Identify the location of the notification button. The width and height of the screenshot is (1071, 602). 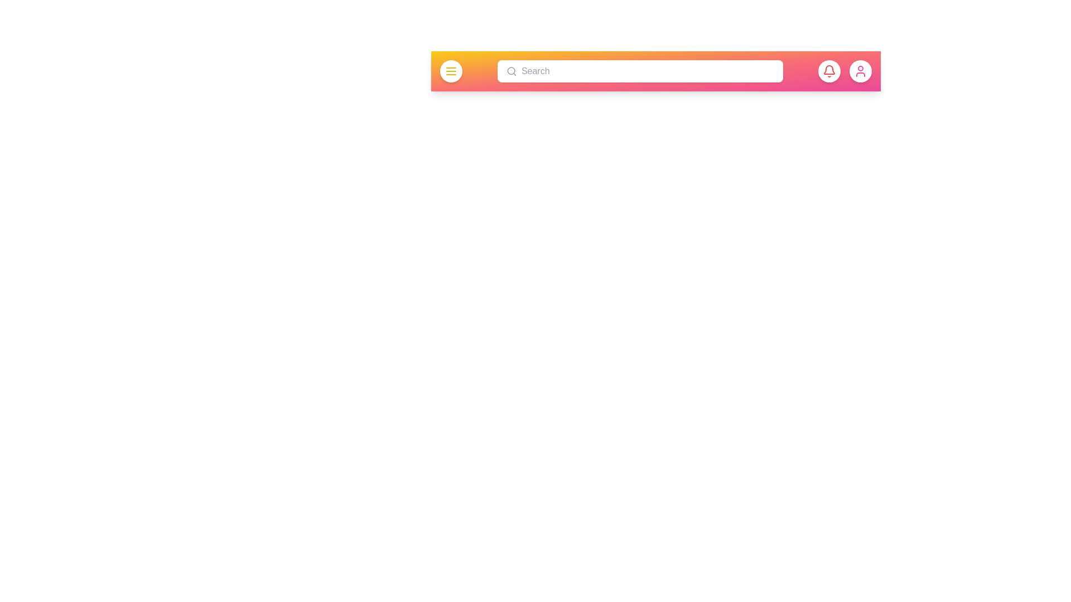
(829, 71).